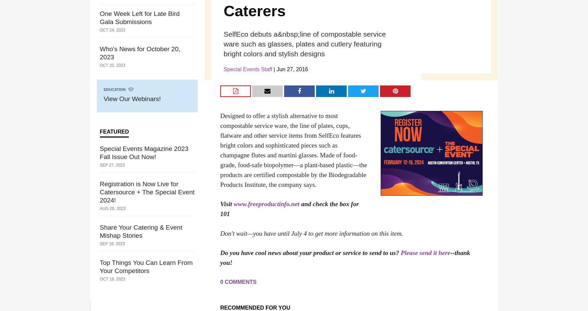 This screenshot has height=311, width=588. What do you see at coordinates (293, 150) in the screenshot?
I see `'Designed to offer a stylish alternative to most compostable service ware, the line of plates, cups, flatware and other service items from SelfEco features bright colors and sophisticated pieces such as champagne flutes and martini glasses. Made of food-grade, food-safe biopolymer—a plant-based plastic—the products are certified compostable by the Biodegradable Products Institute, the company says.'` at bounding box center [293, 150].